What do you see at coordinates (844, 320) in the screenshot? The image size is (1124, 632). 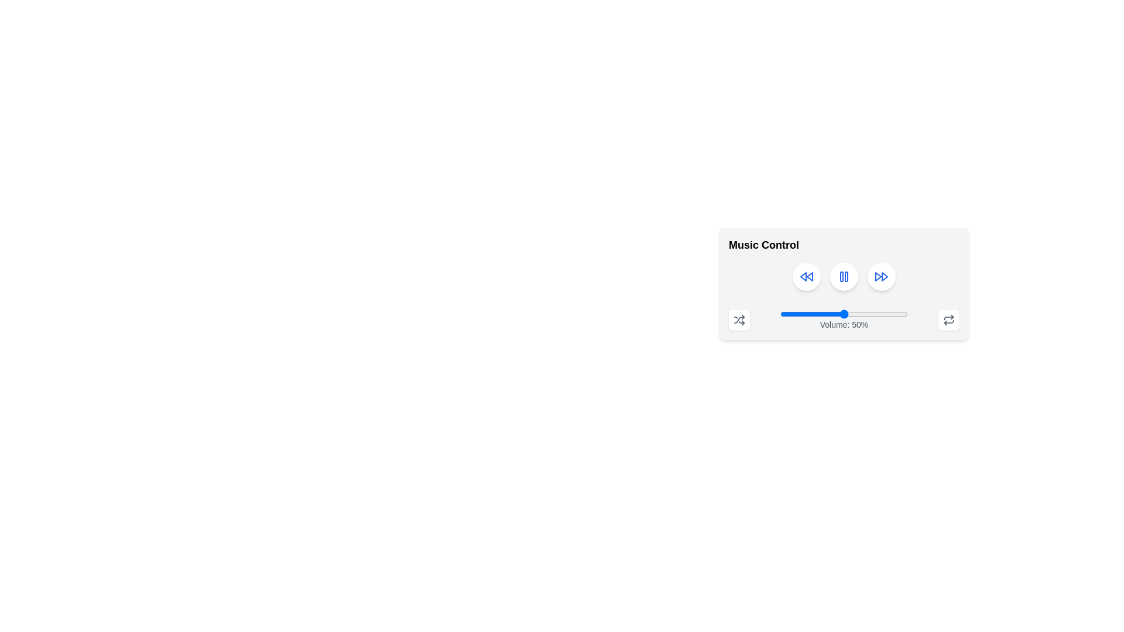 I see `label displaying the current volume level ('Volume: 50%') from the Volume control slider located in the bottom center of the music control panel` at bounding box center [844, 320].